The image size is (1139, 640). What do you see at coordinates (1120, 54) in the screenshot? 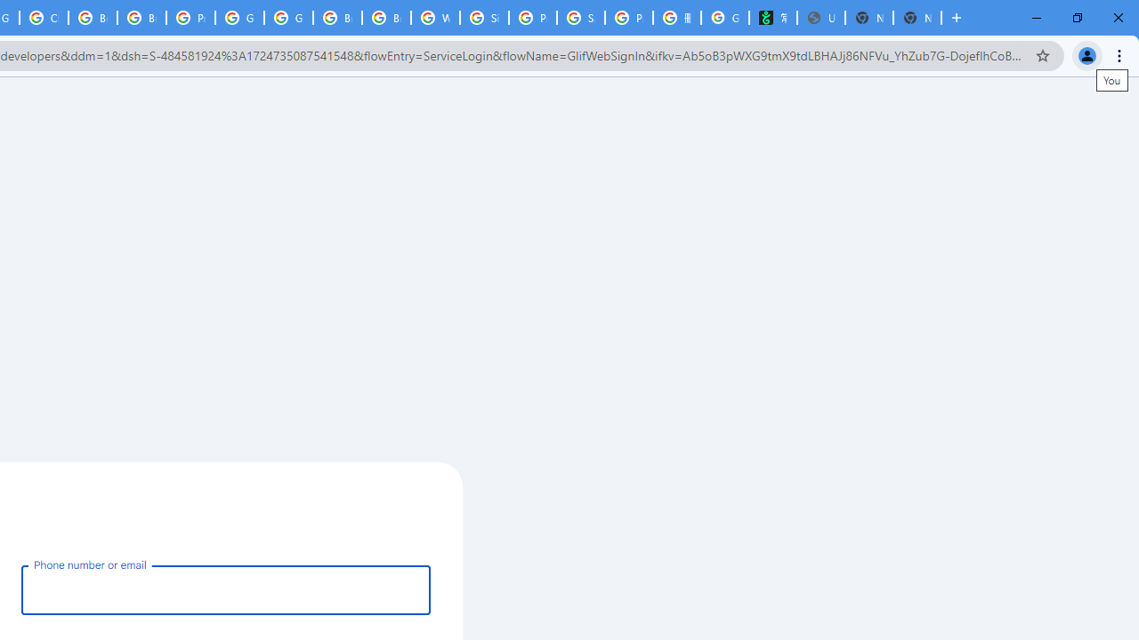
I see `'Chrome'` at bounding box center [1120, 54].